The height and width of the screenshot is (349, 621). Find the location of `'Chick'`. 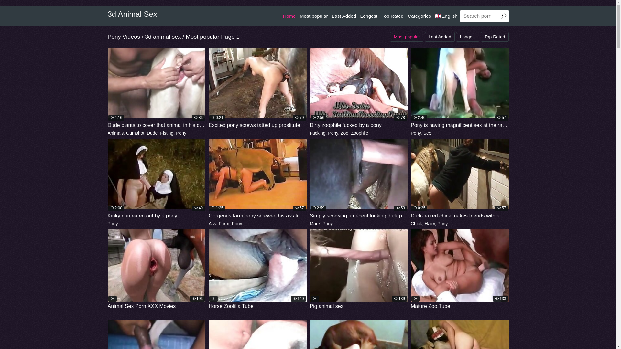

'Chick' is located at coordinates (416, 223).